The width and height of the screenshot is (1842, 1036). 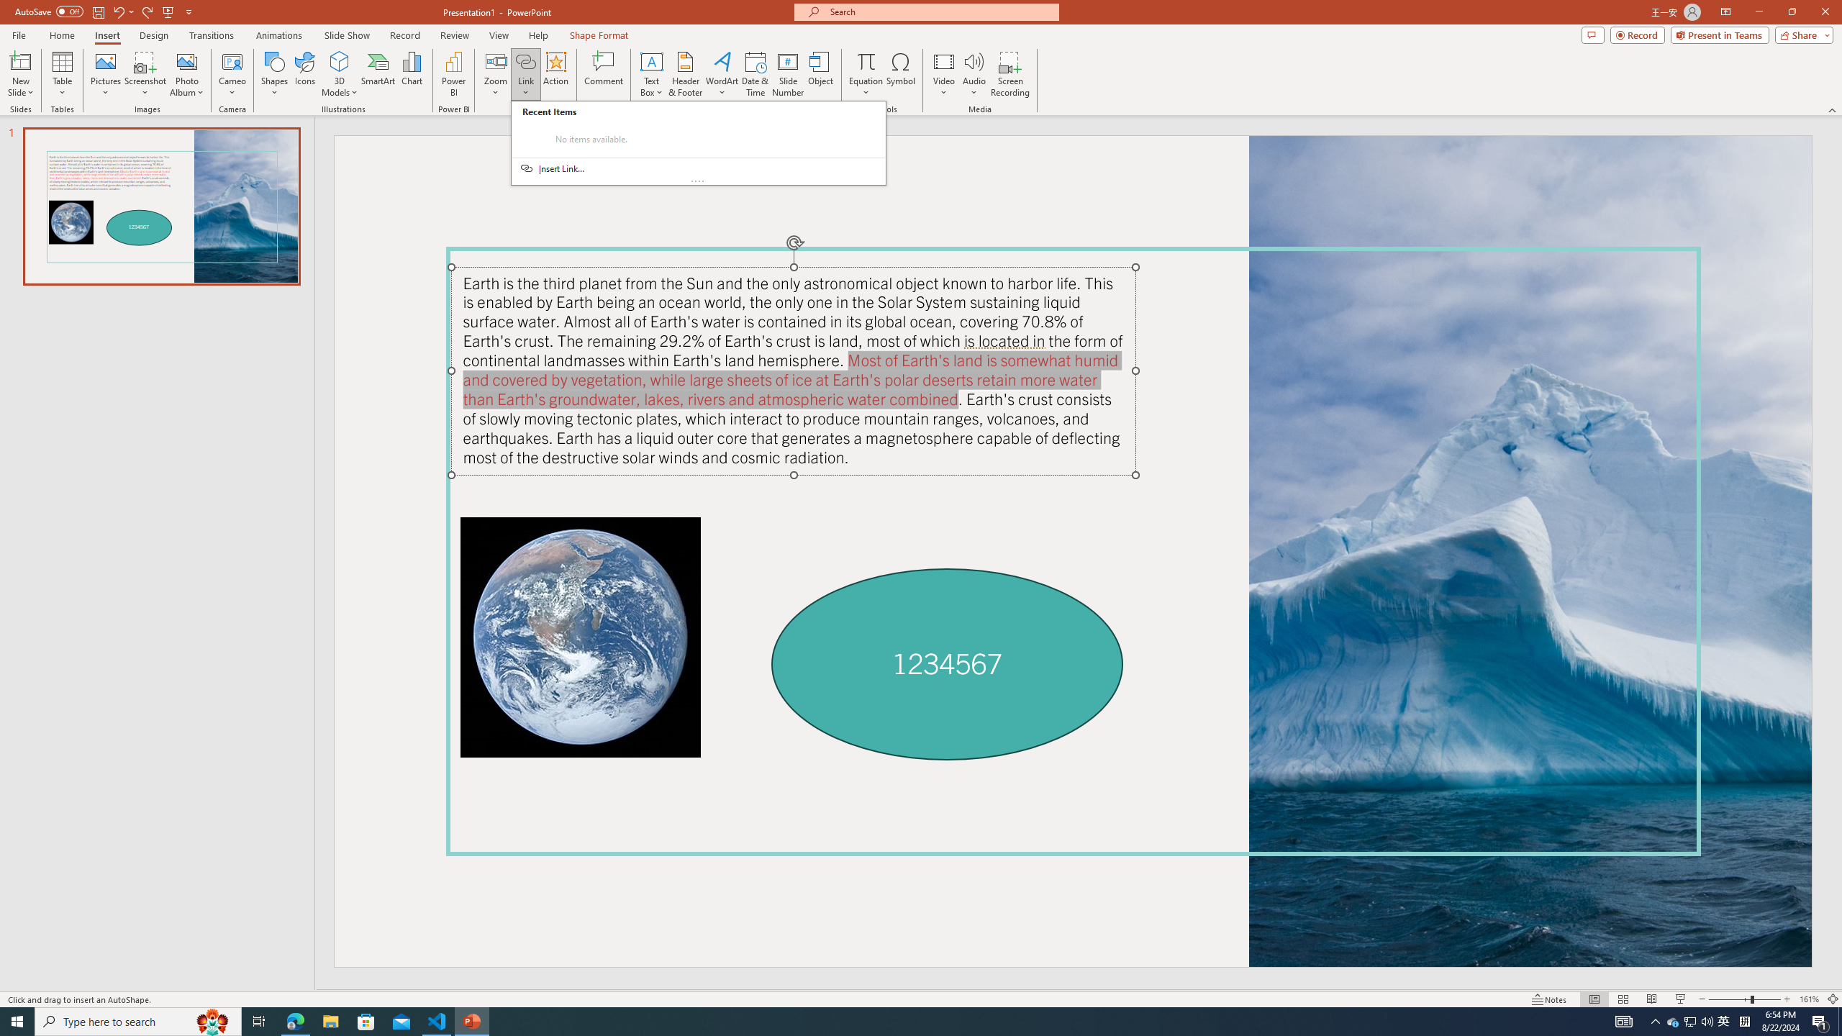 What do you see at coordinates (186, 74) in the screenshot?
I see `'Photo Album...'` at bounding box center [186, 74].